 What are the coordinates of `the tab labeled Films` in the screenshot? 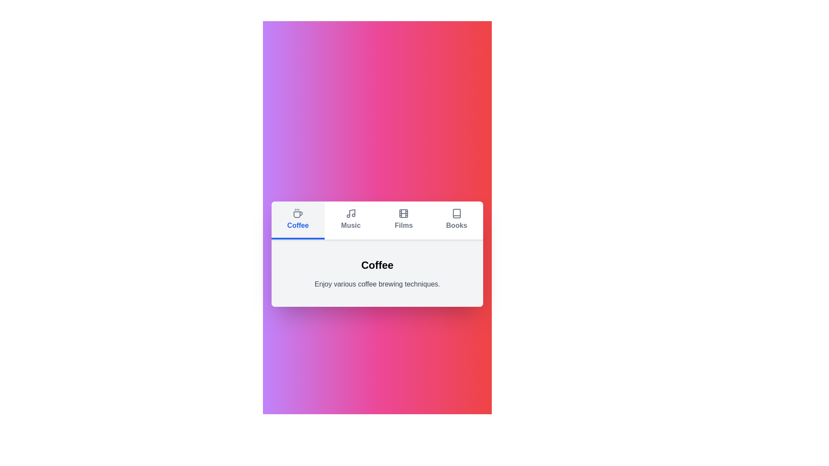 It's located at (403, 220).